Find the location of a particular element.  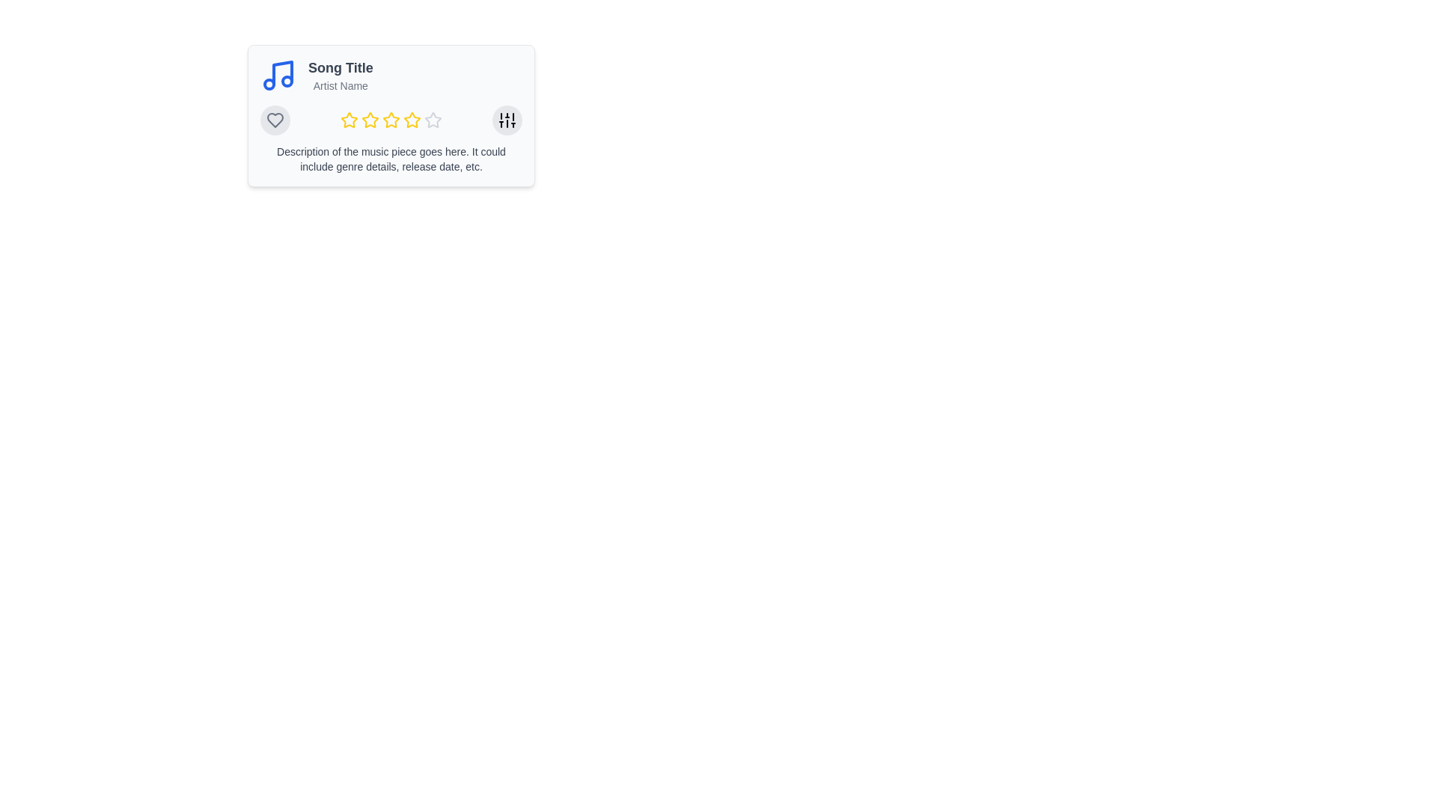

the third star in the rating control is located at coordinates (391, 119).